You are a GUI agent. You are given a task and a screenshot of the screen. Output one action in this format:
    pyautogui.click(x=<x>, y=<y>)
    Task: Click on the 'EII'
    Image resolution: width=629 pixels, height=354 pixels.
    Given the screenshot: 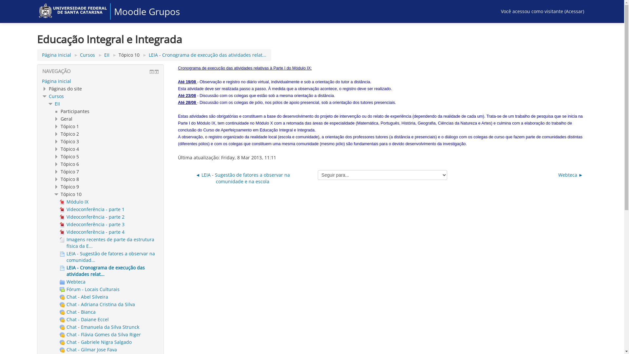 What is the action you would take?
    pyautogui.click(x=104, y=54)
    